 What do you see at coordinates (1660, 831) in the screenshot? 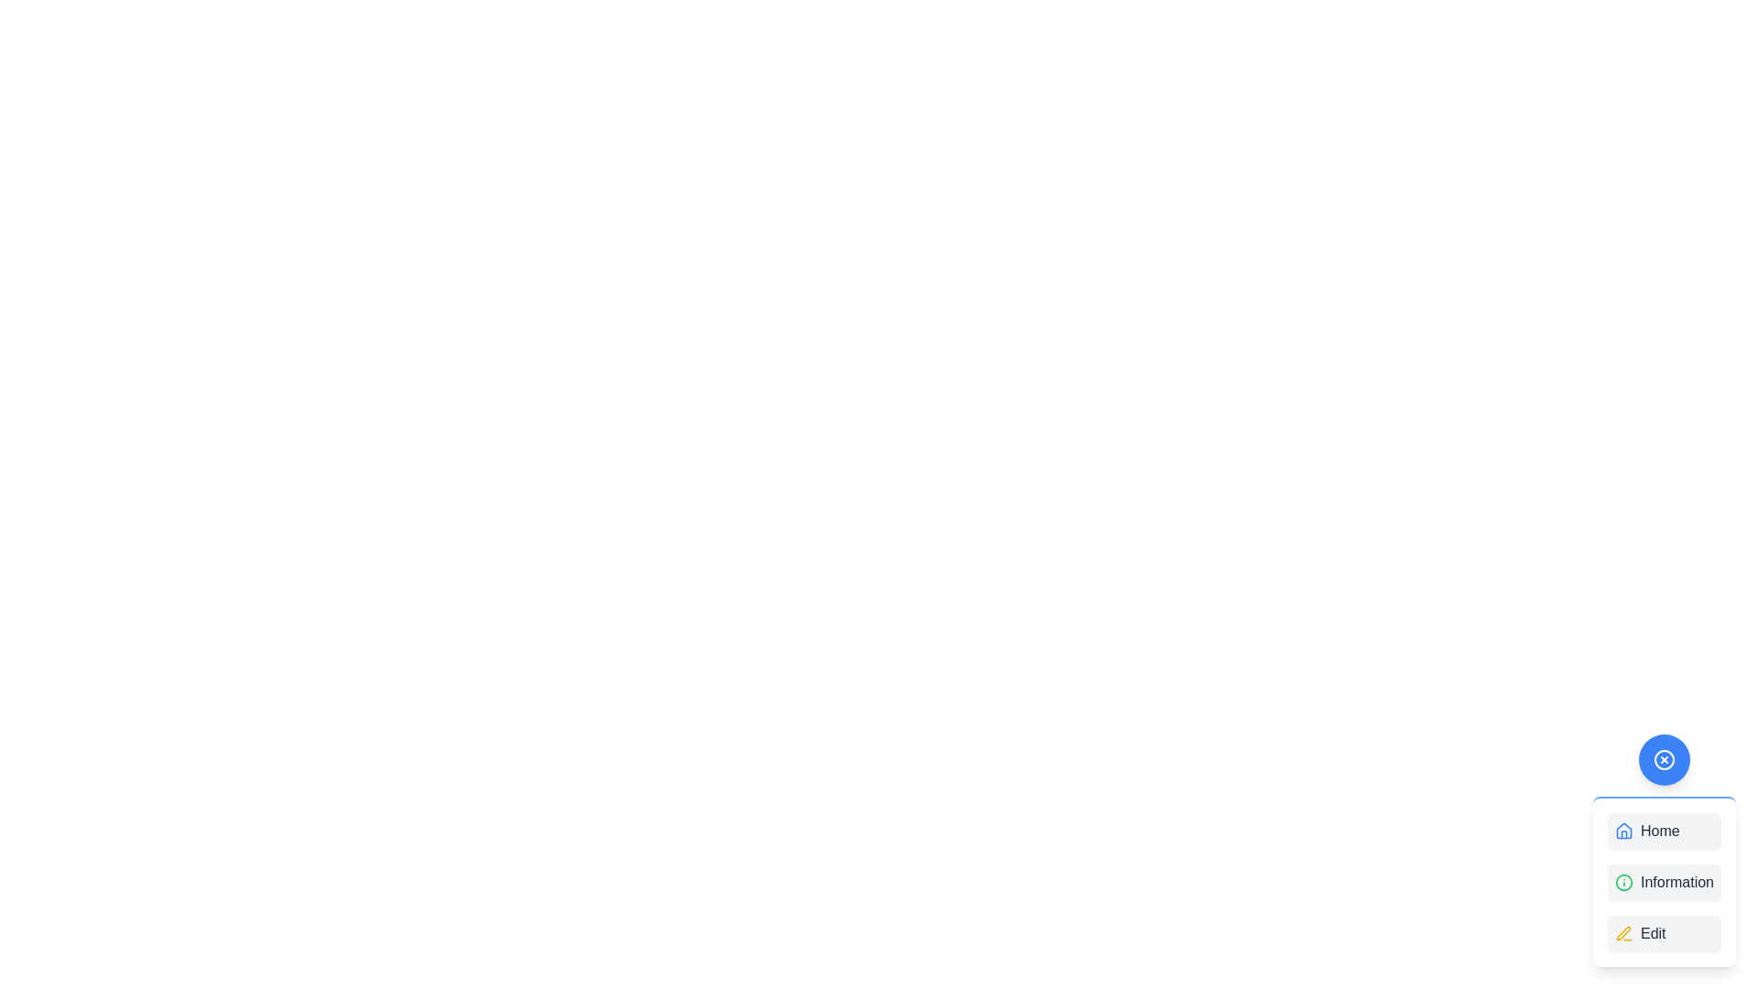
I see `the 'Home' text label in the navigation menu, which is positioned next to a house icon and serves as a label for the first option in a vertical list` at bounding box center [1660, 831].